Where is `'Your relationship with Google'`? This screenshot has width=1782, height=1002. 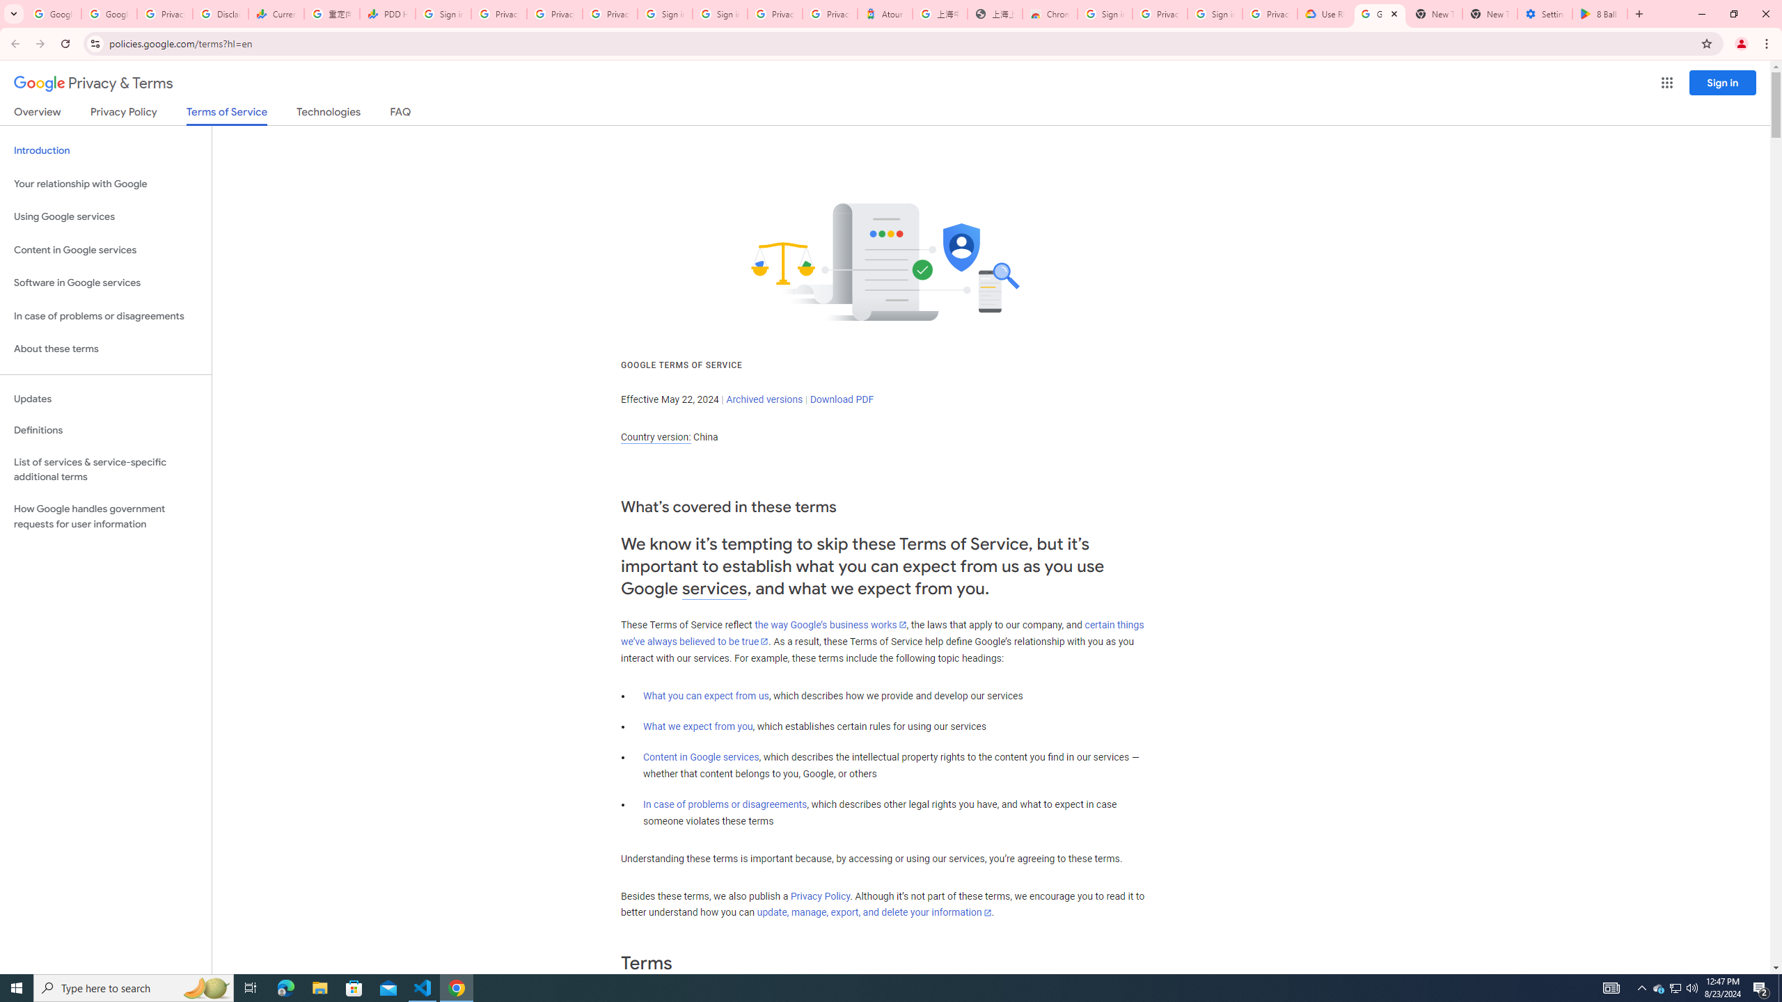 'Your relationship with Google' is located at coordinates (105, 184).